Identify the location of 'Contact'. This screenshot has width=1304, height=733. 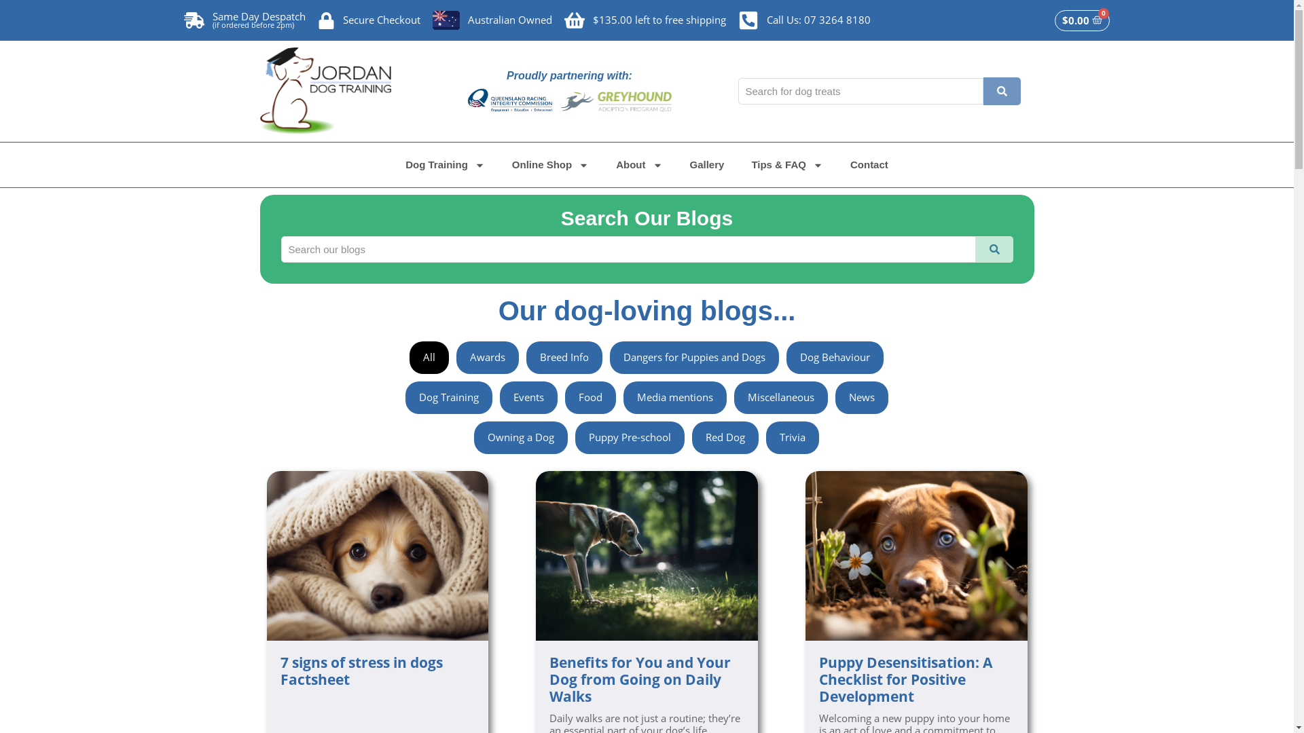
(869, 164).